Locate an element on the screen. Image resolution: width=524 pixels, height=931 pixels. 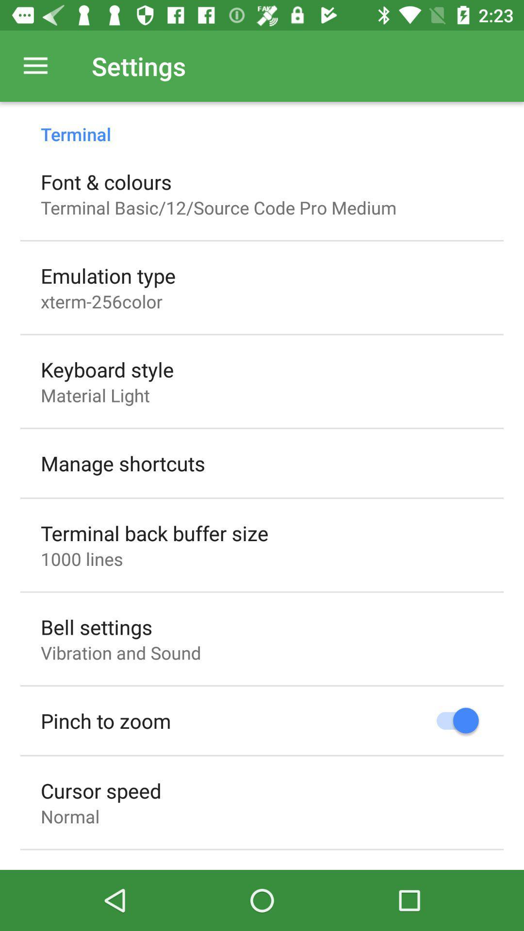
the normal item is located at coordinates (69, 816).